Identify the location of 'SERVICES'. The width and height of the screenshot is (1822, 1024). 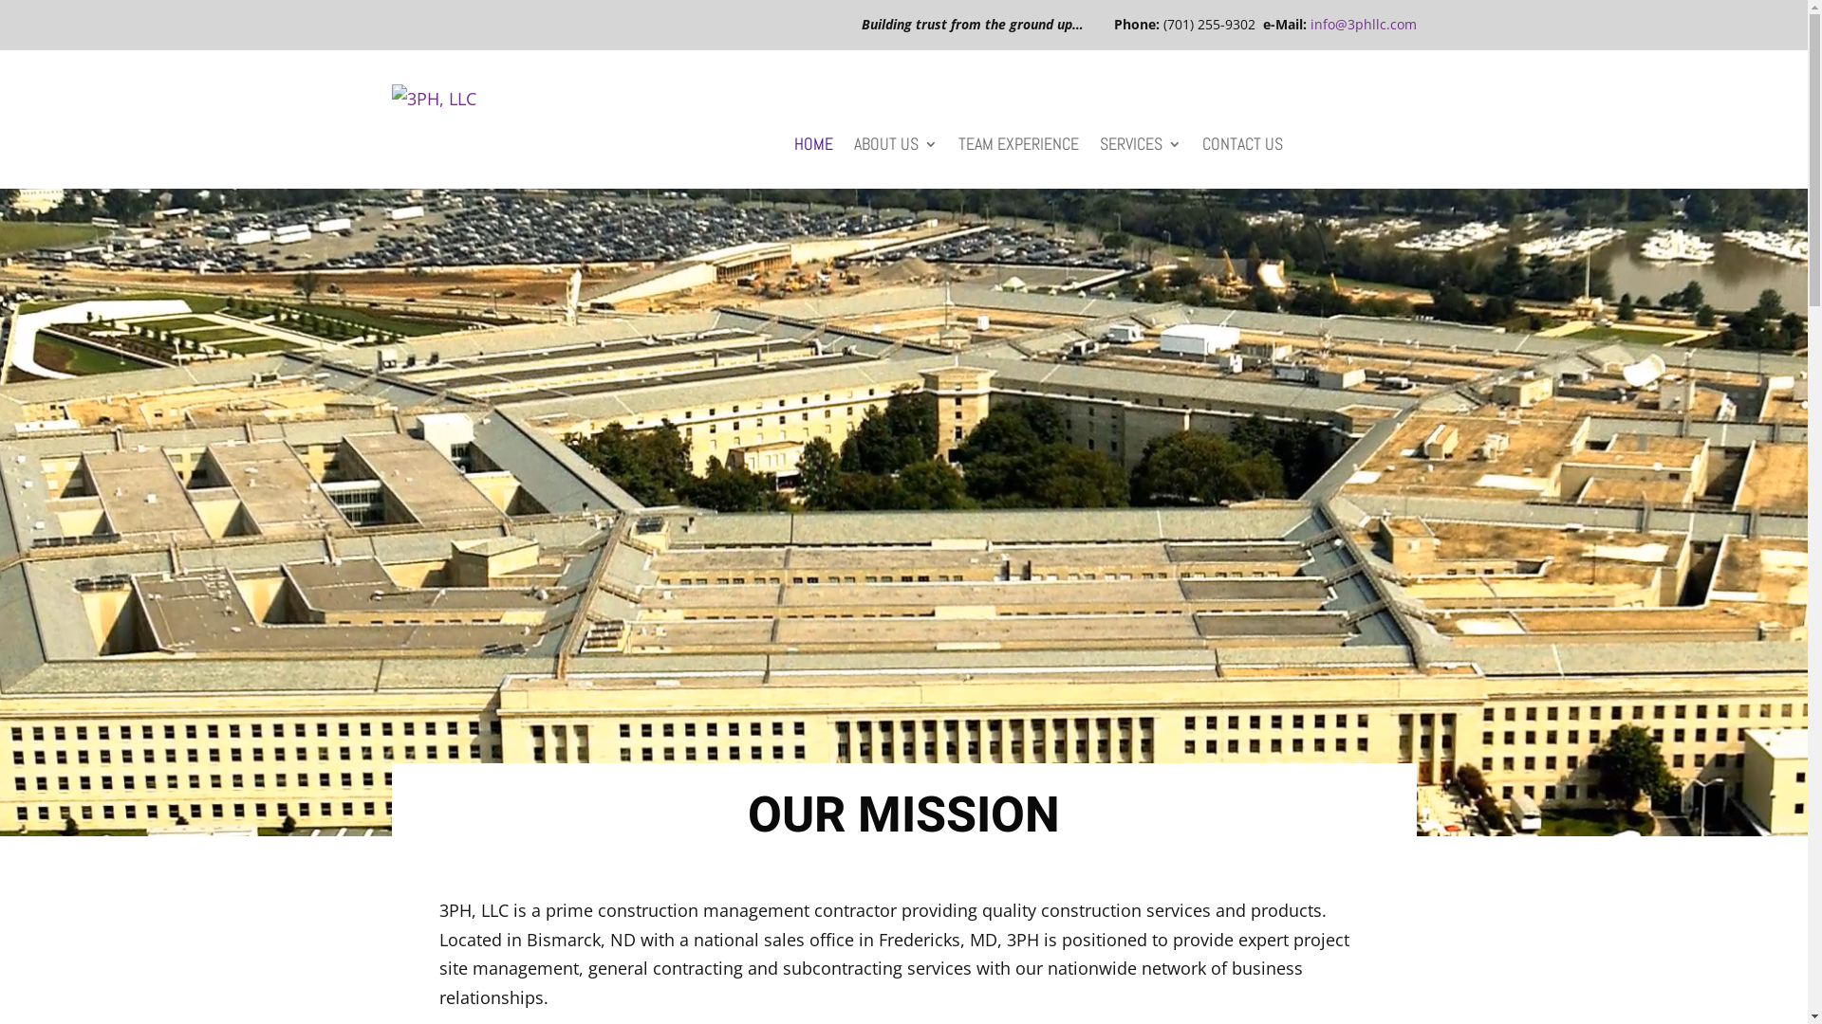
(1139, 146).